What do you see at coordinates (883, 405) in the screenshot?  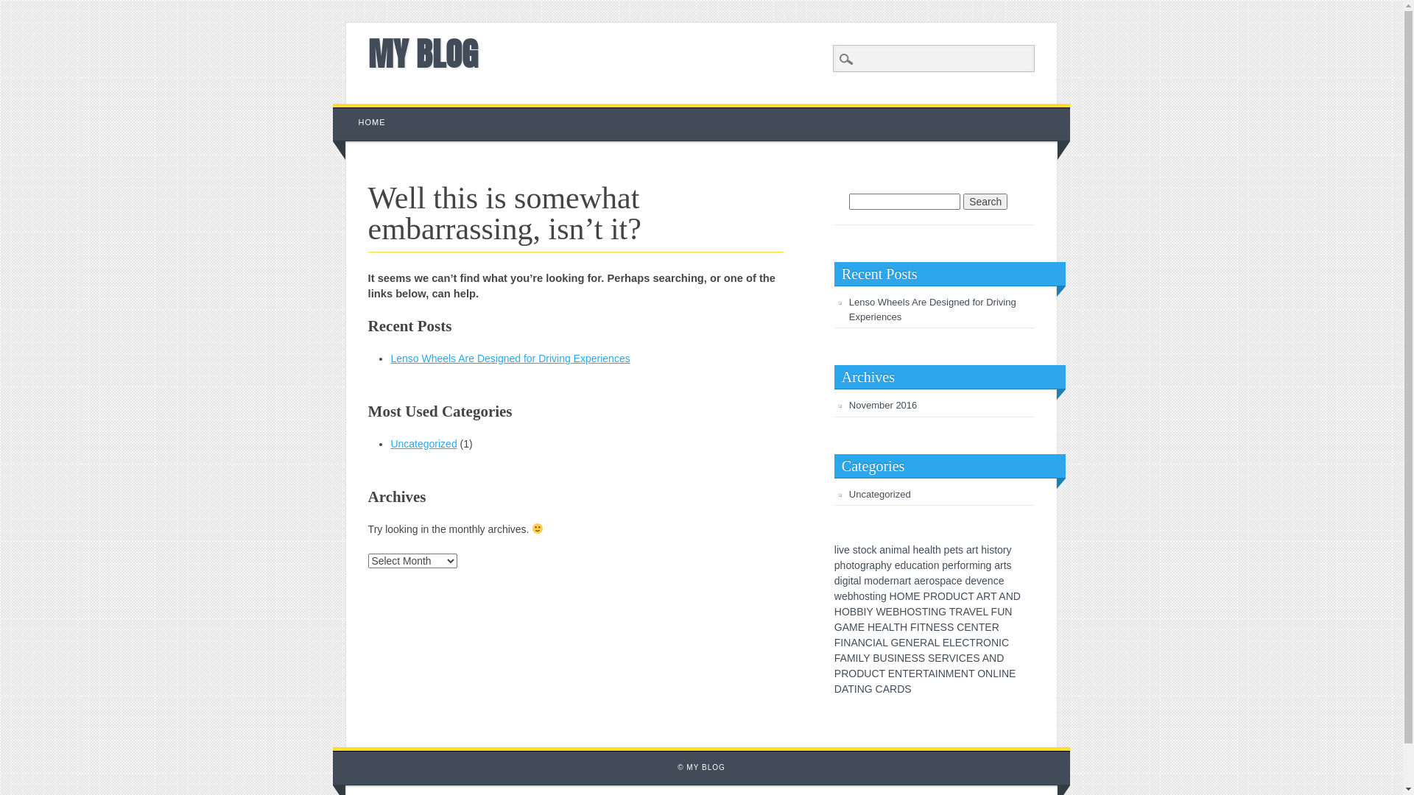 I see `'November 2016'` at bounding box center [883, 405].